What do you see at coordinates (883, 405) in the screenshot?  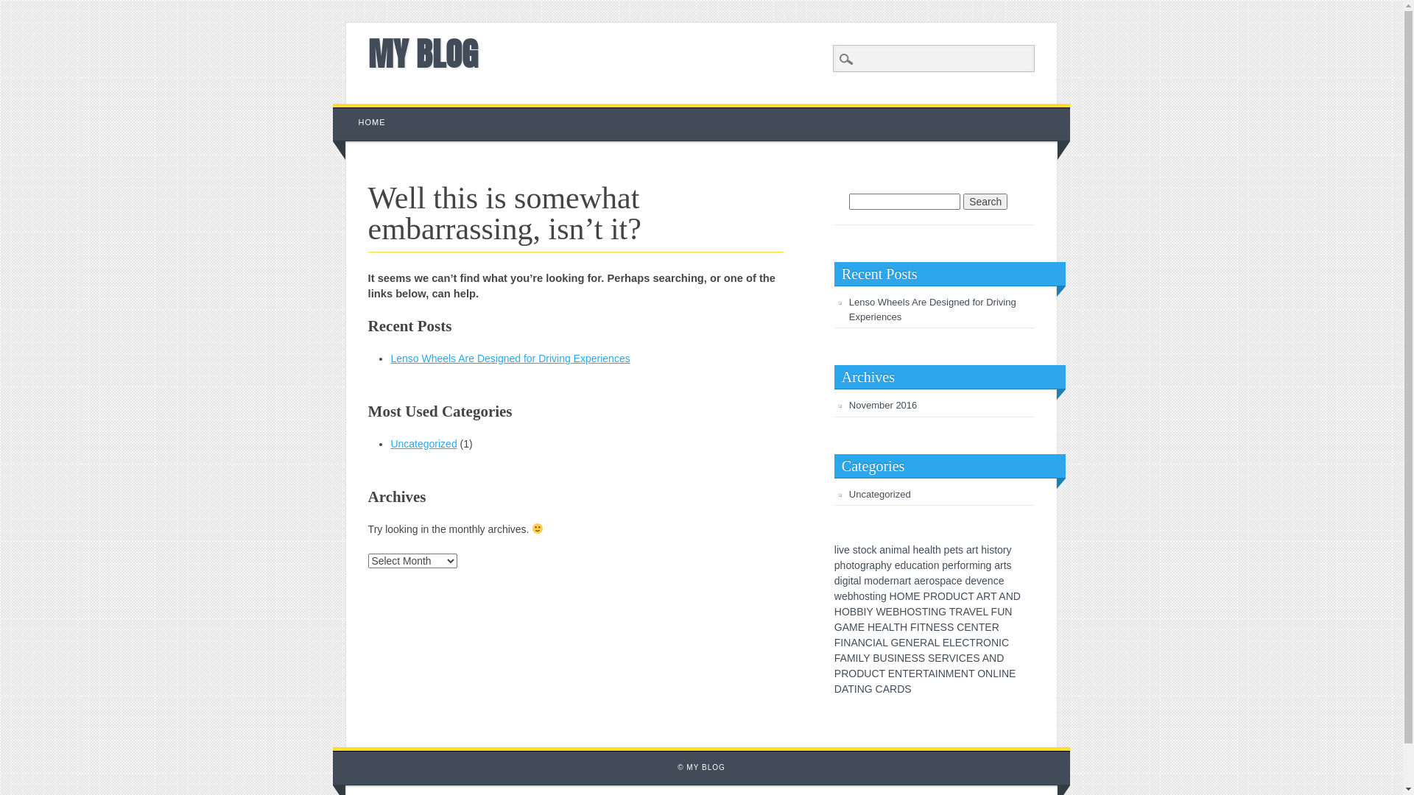 I see `'November 2016'` at bounding box center [883, 405].